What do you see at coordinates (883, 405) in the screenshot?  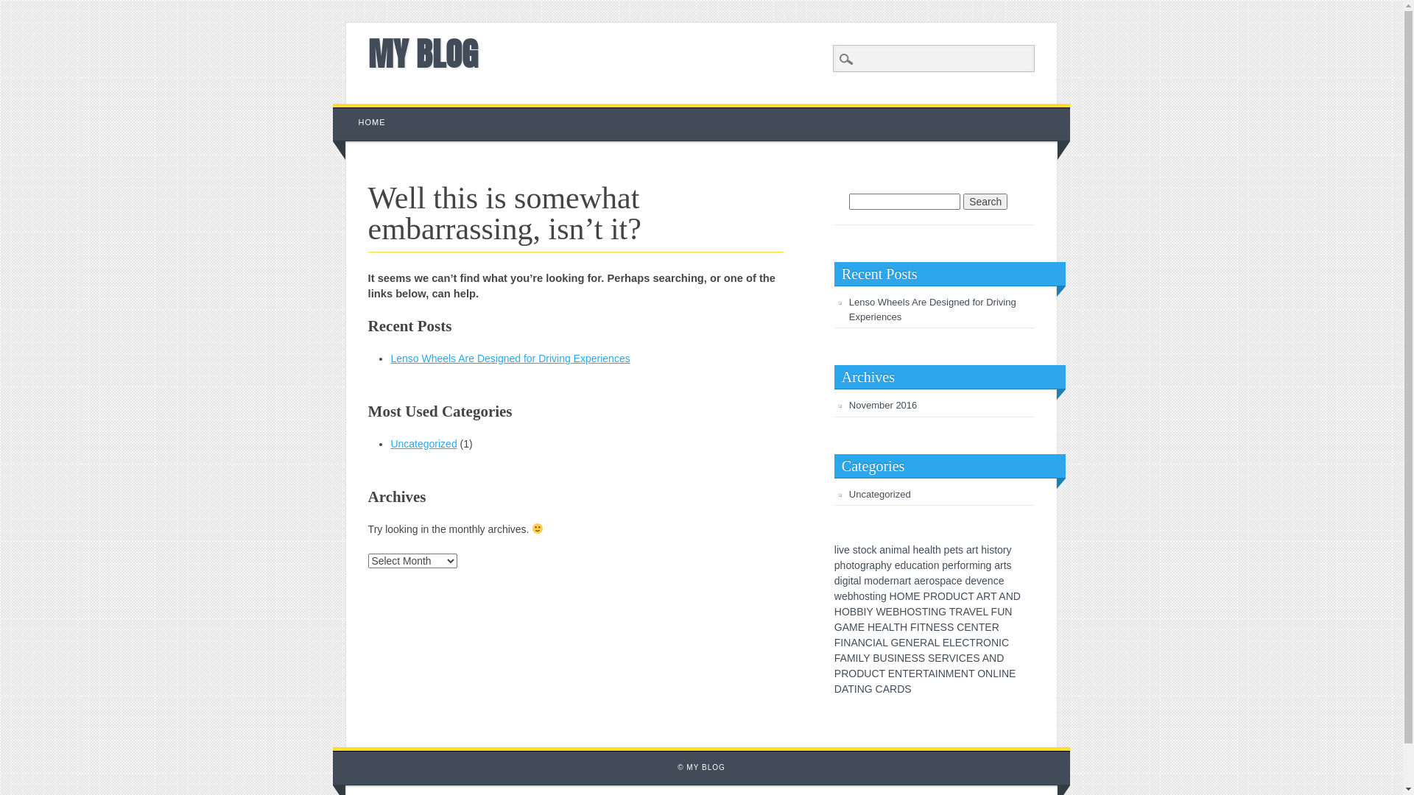 I see `'November 2016'` at bounding box center [883, 405].